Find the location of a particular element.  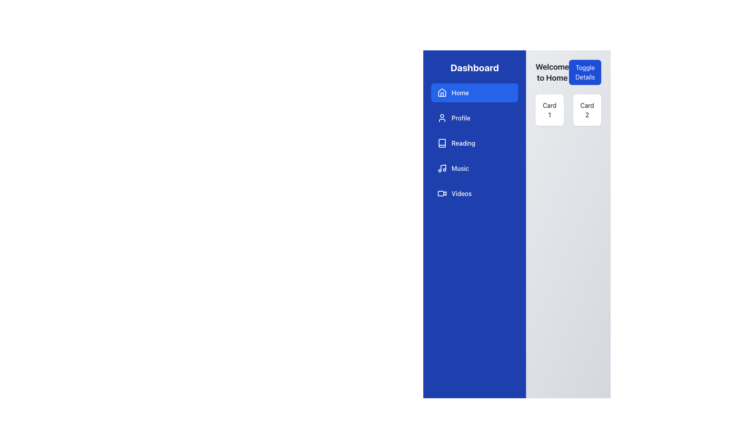

the 'Reading' navigation menu item located in the vertical sidebar, which is the third item in the list is located at coordinates (474, 143).